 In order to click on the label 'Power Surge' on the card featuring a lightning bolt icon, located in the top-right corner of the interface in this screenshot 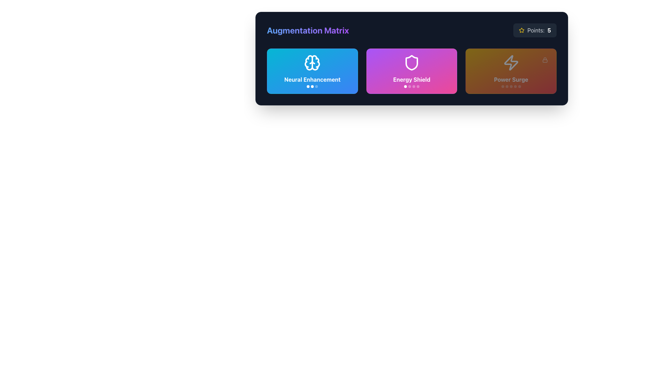, I will do `click(511, 71)`.